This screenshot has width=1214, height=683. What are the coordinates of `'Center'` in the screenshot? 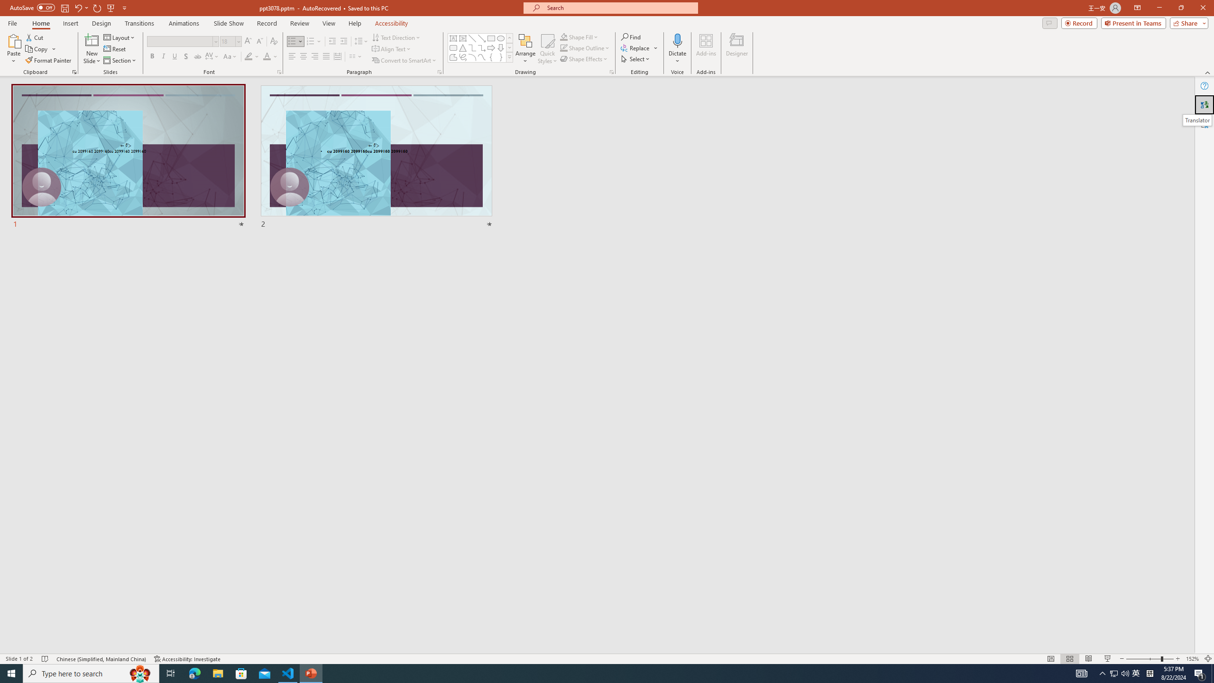 It's located at (303, 56).